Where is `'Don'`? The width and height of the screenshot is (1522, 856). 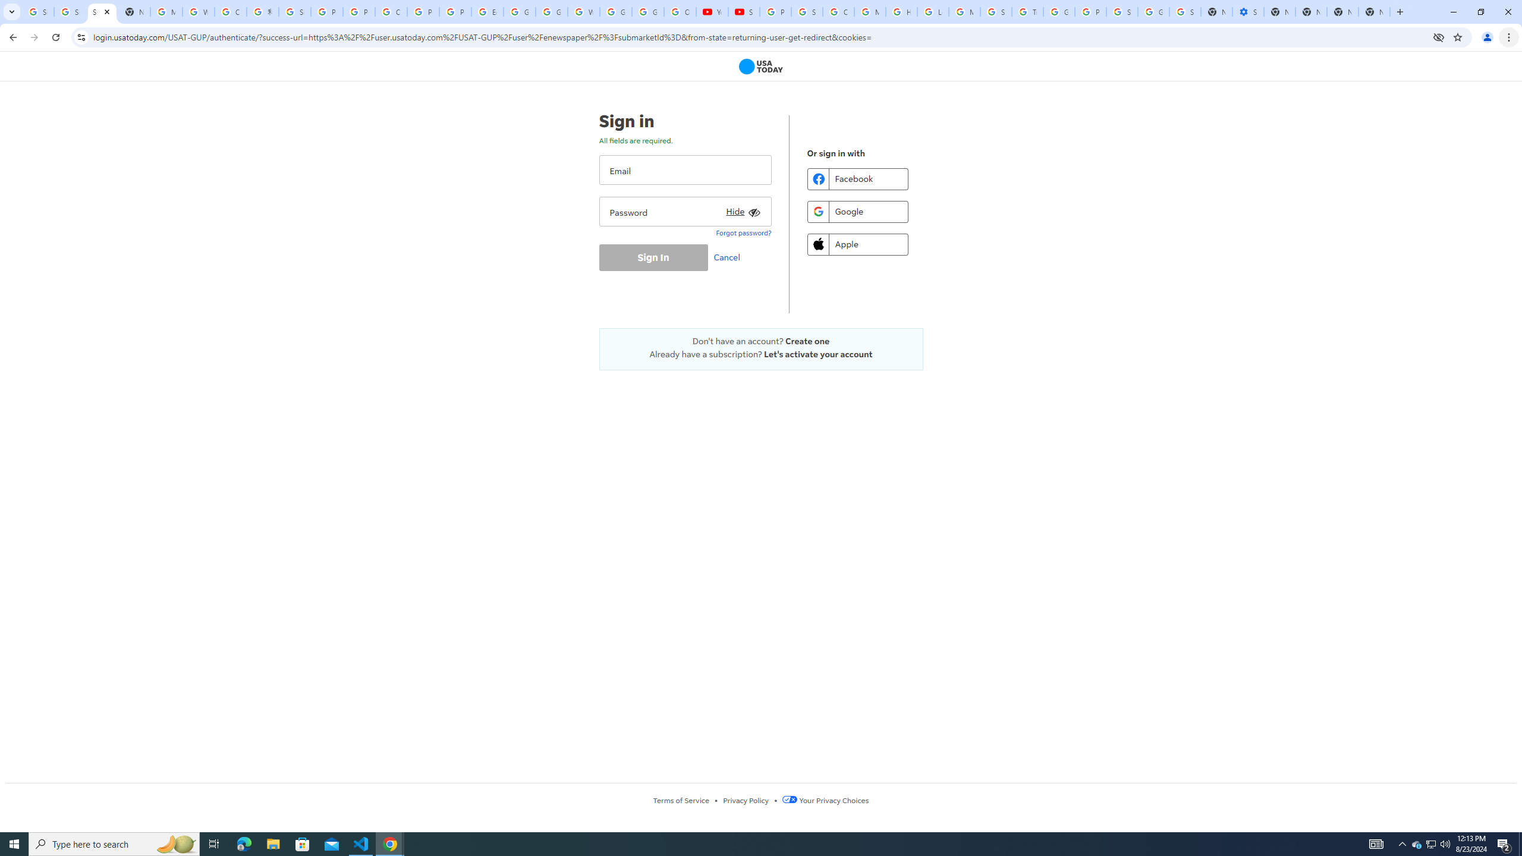 'Don' is located at coordinates (761, 340).